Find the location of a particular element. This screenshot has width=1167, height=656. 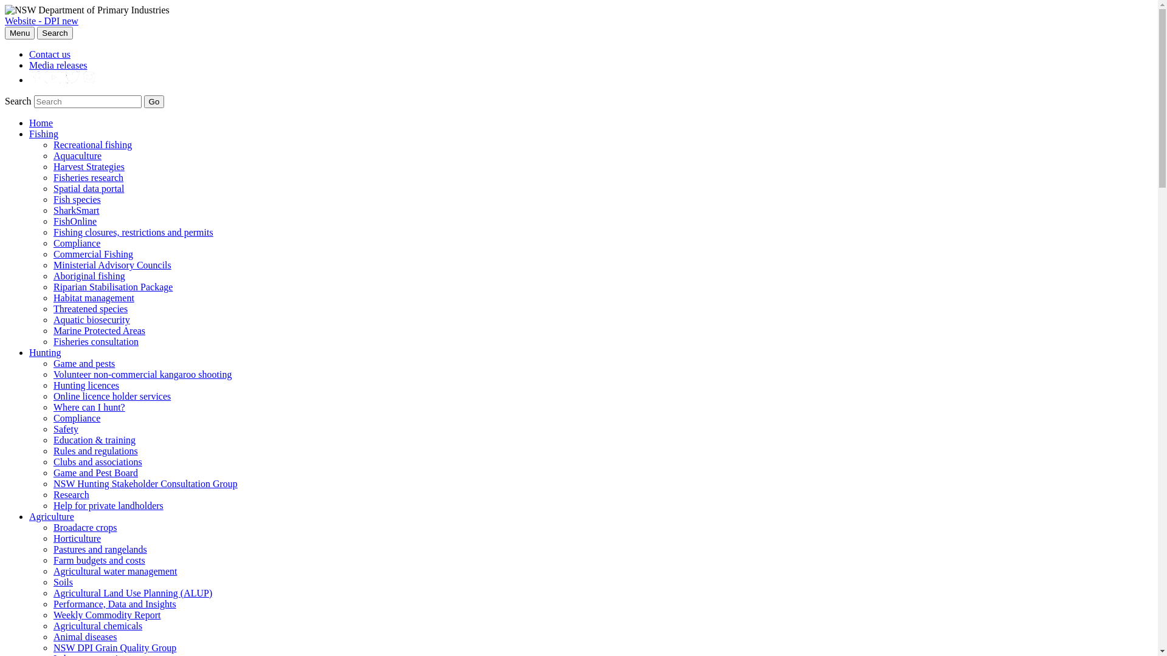

'FishOnline' is located at coordinates (74, 221).